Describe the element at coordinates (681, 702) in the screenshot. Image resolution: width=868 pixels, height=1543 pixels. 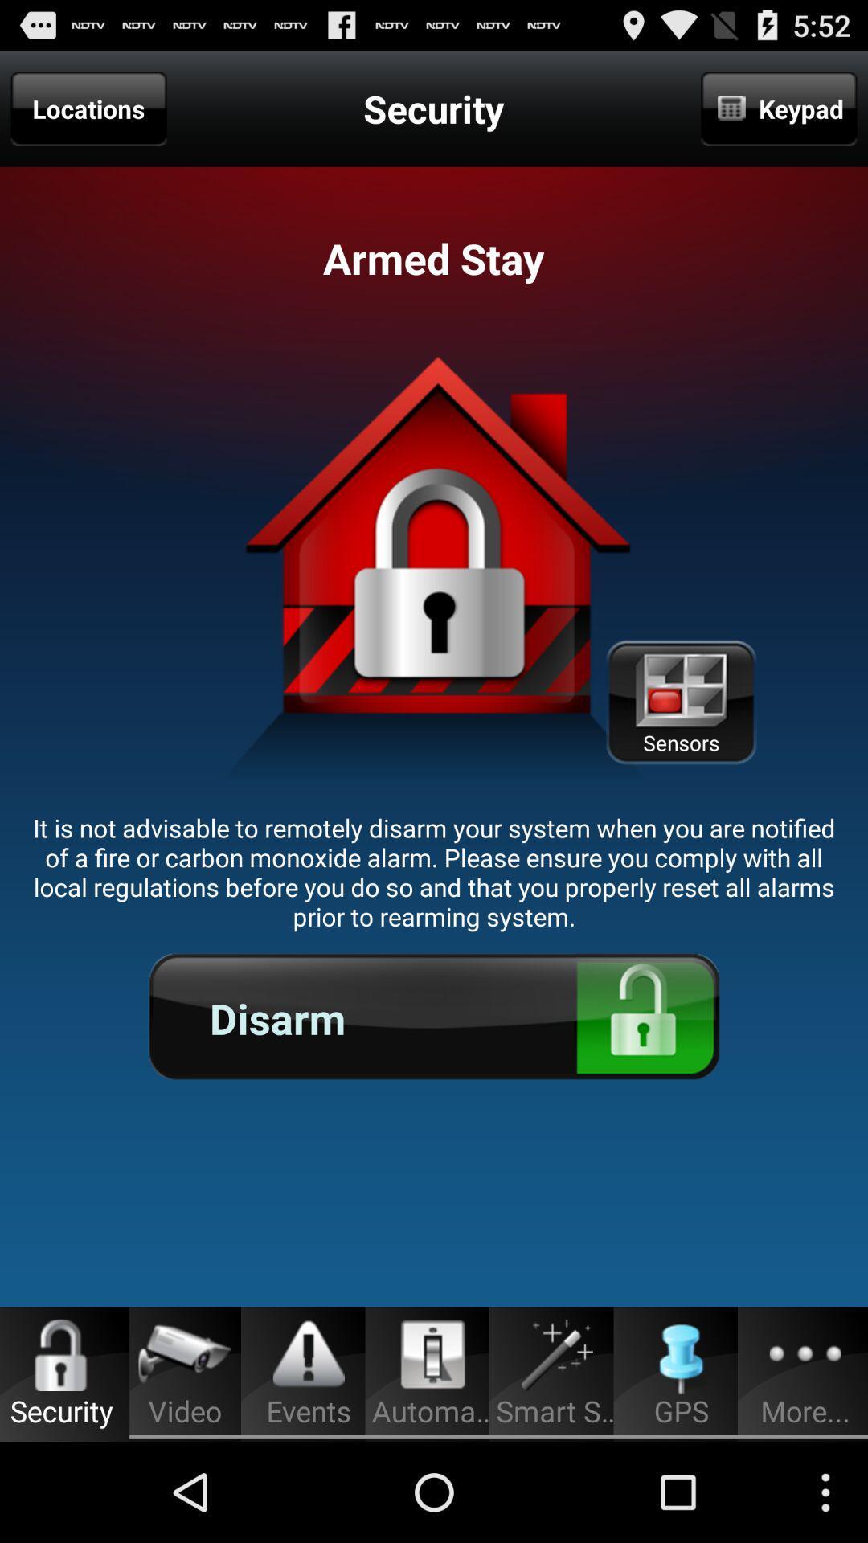
I see `icon on the right` at that location.